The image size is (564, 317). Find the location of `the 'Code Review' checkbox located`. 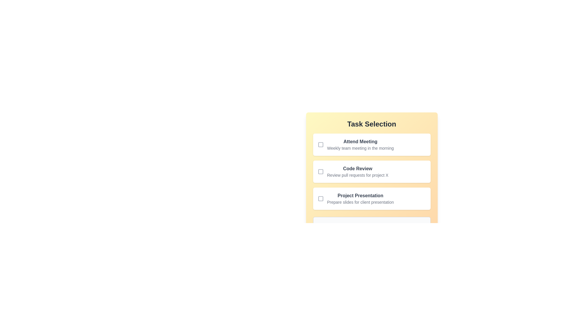

the 'Code Review' checkbox located is located at coordinates (352, 172).